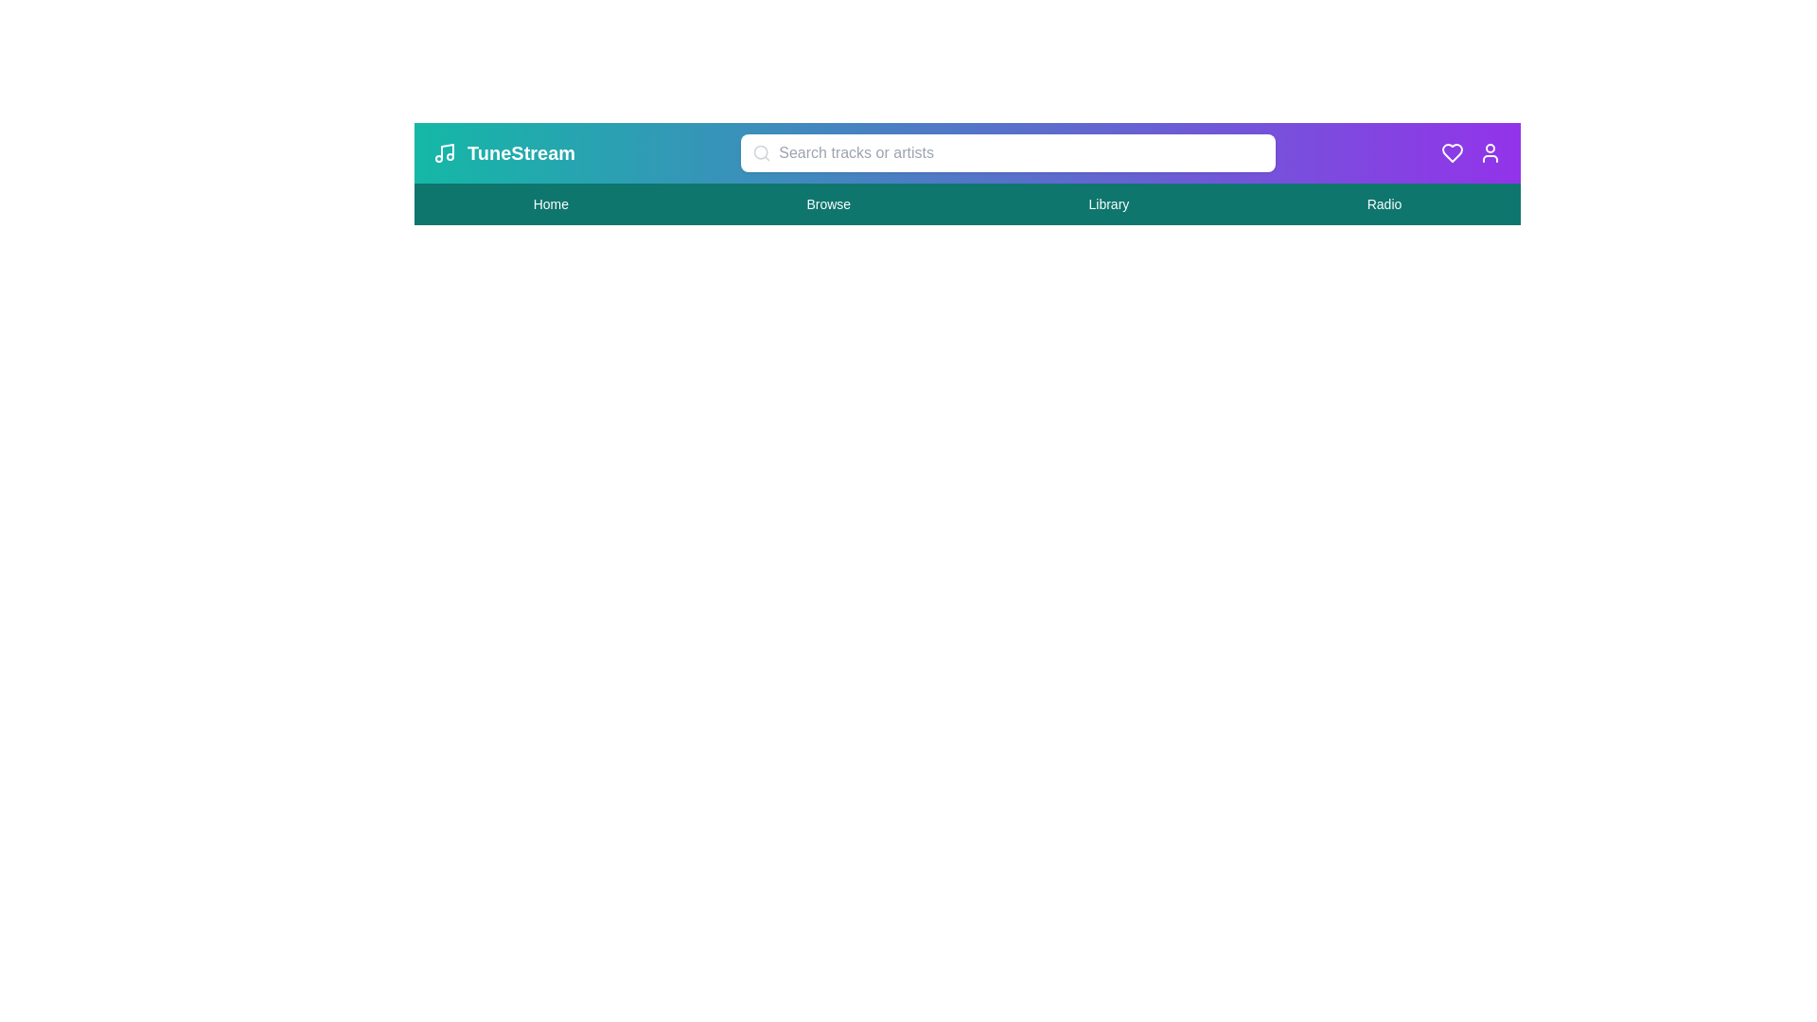 This screenshot has width=1817, height=1022. Describe the element at coordinates (444, 152) in the screenshot. I see `the music icon to trigger the associated action` at that location.